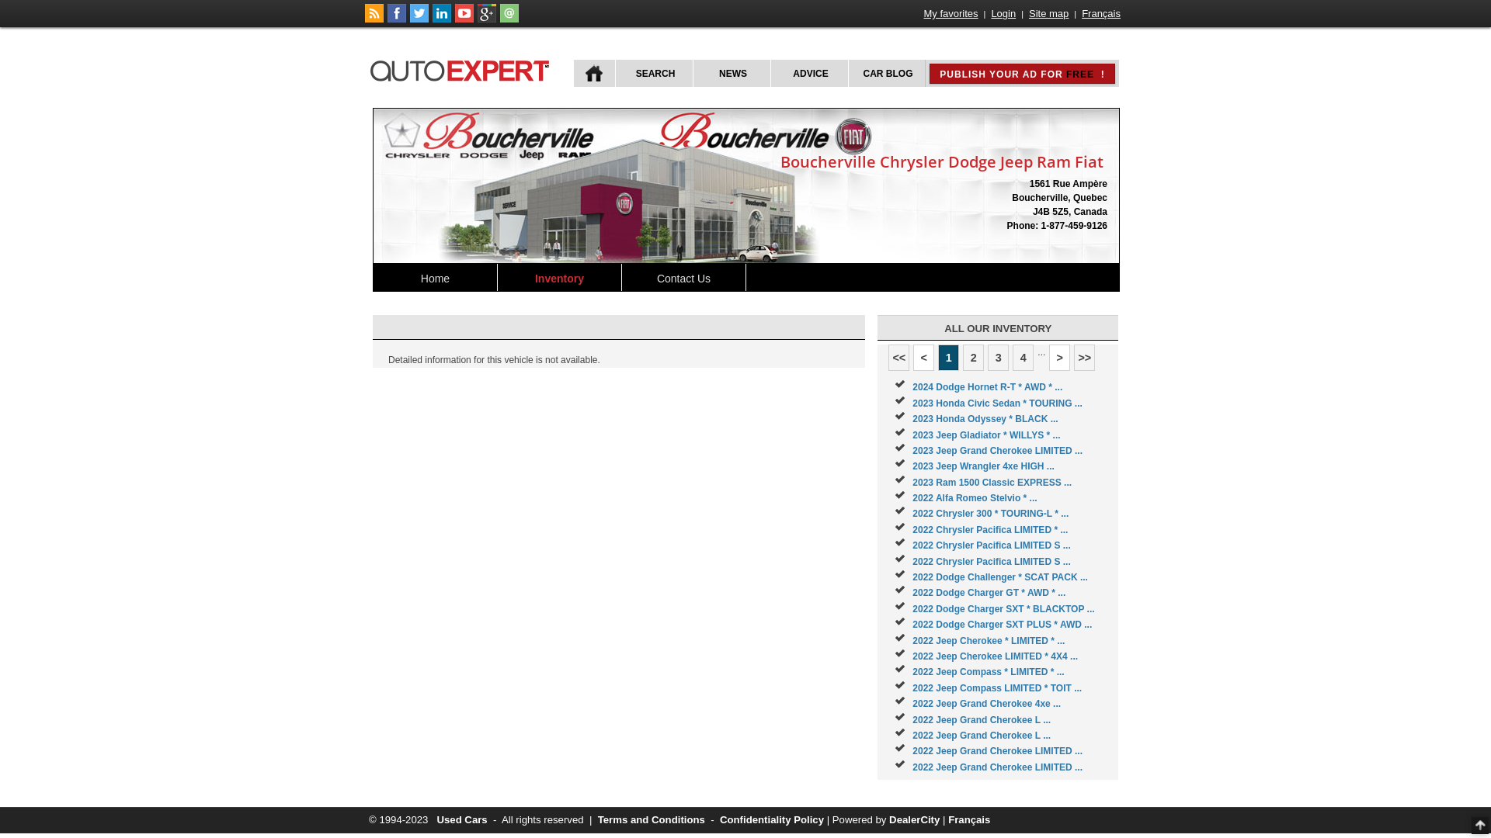  Describe the element at coordinates (1058, 358) in the screenshot. I see `'>'` at that location.